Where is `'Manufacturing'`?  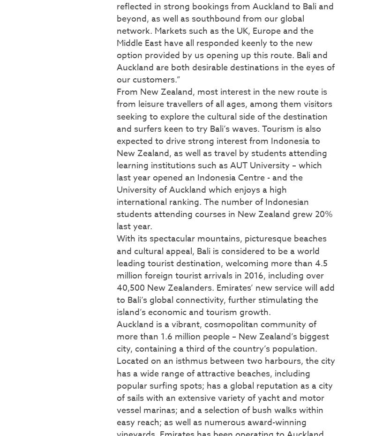 'Manufacturing' is located at coordinates (67, 129).